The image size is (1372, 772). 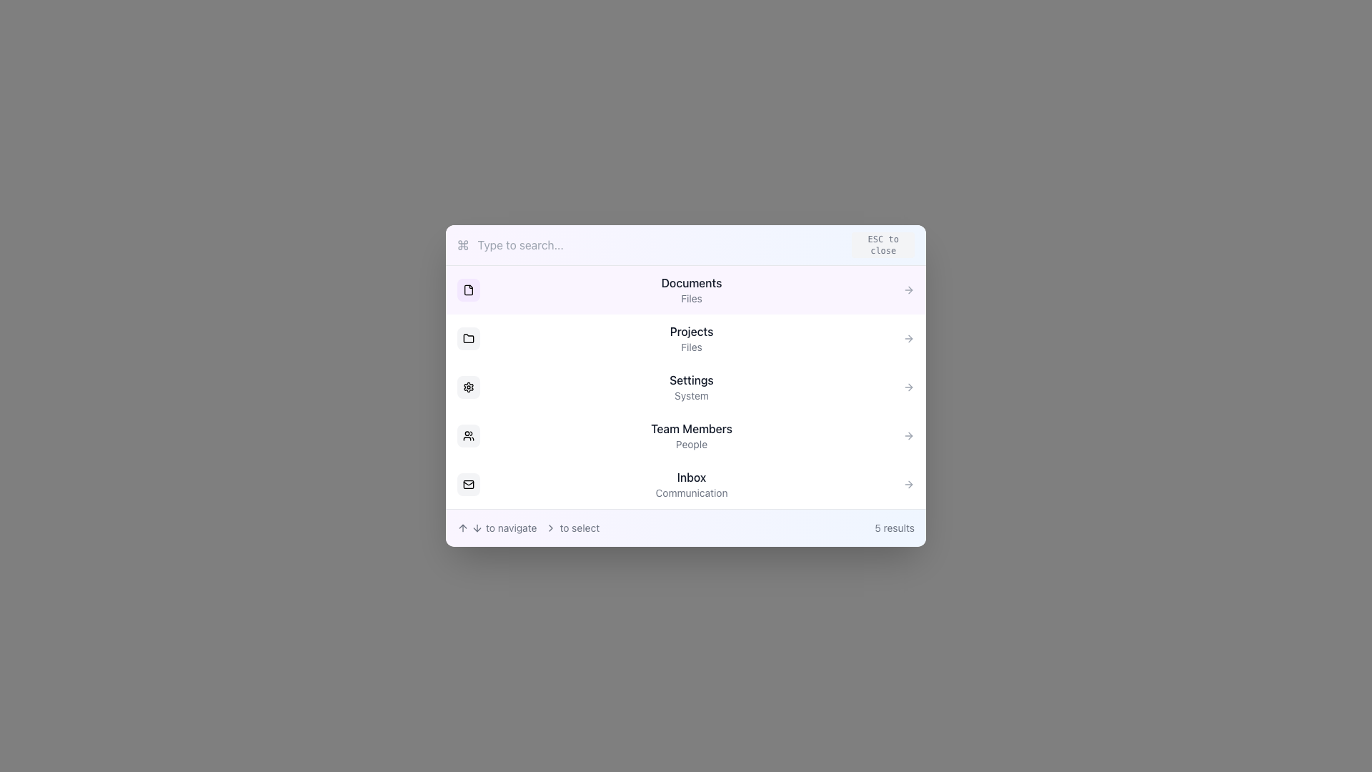 What do you see at coordinates (692, 428) in the screenshot?
I see `the text label indicating 'Team Members', which serves as a title for the section and is centrally positioned above the text 'People'` at bounding box center [692, 428].